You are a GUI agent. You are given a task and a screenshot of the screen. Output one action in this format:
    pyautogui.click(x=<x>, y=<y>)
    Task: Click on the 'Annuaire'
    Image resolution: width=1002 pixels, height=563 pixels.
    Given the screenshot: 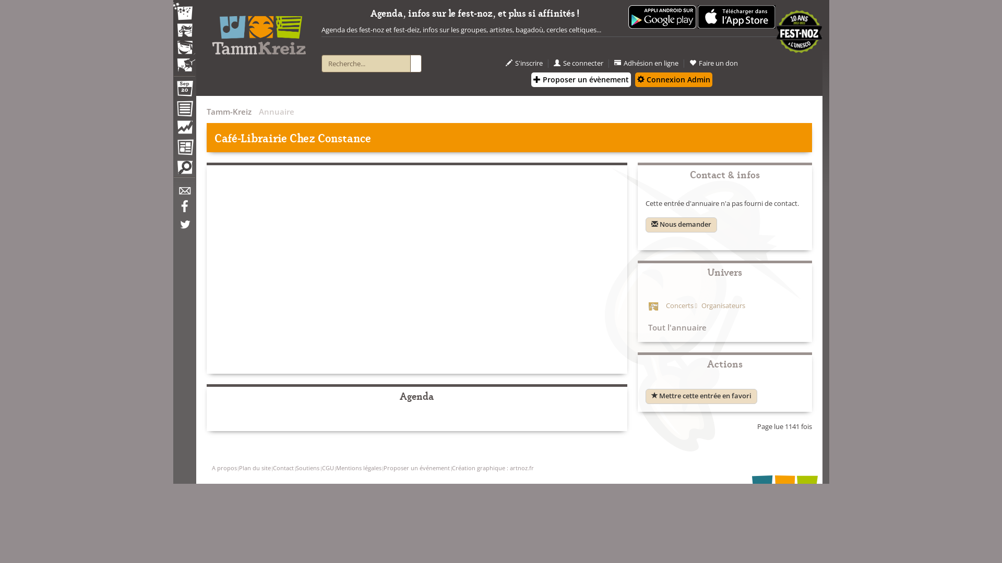 What is the action you would take?
    pyautogui.click(x=173, y=111)
    